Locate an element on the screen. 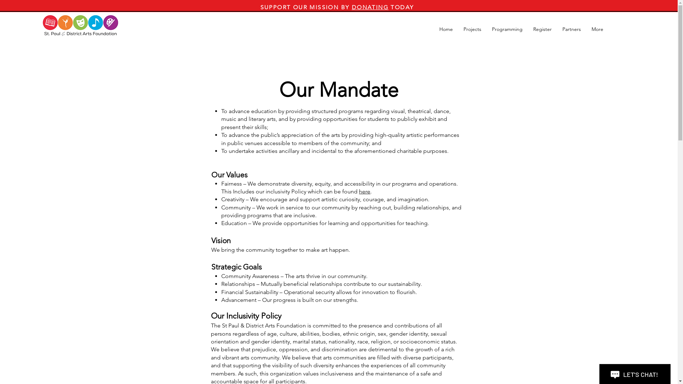 The height and width of the screenshot is (384, 683). 'DONATING' is located at coordinates (370, 7).